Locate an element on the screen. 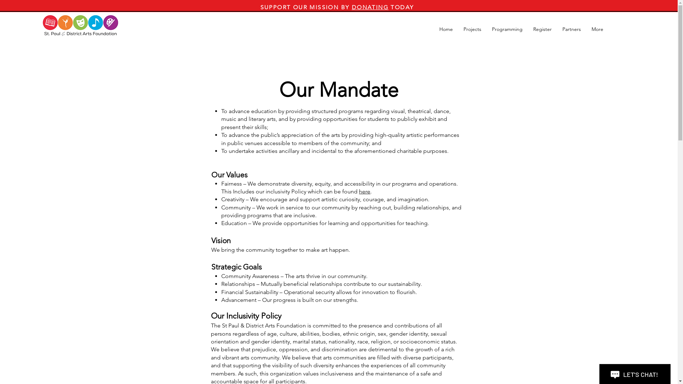 The height and width of the screenshot is (384, 683). 'DONATING' is located at coordinates (370, 7).